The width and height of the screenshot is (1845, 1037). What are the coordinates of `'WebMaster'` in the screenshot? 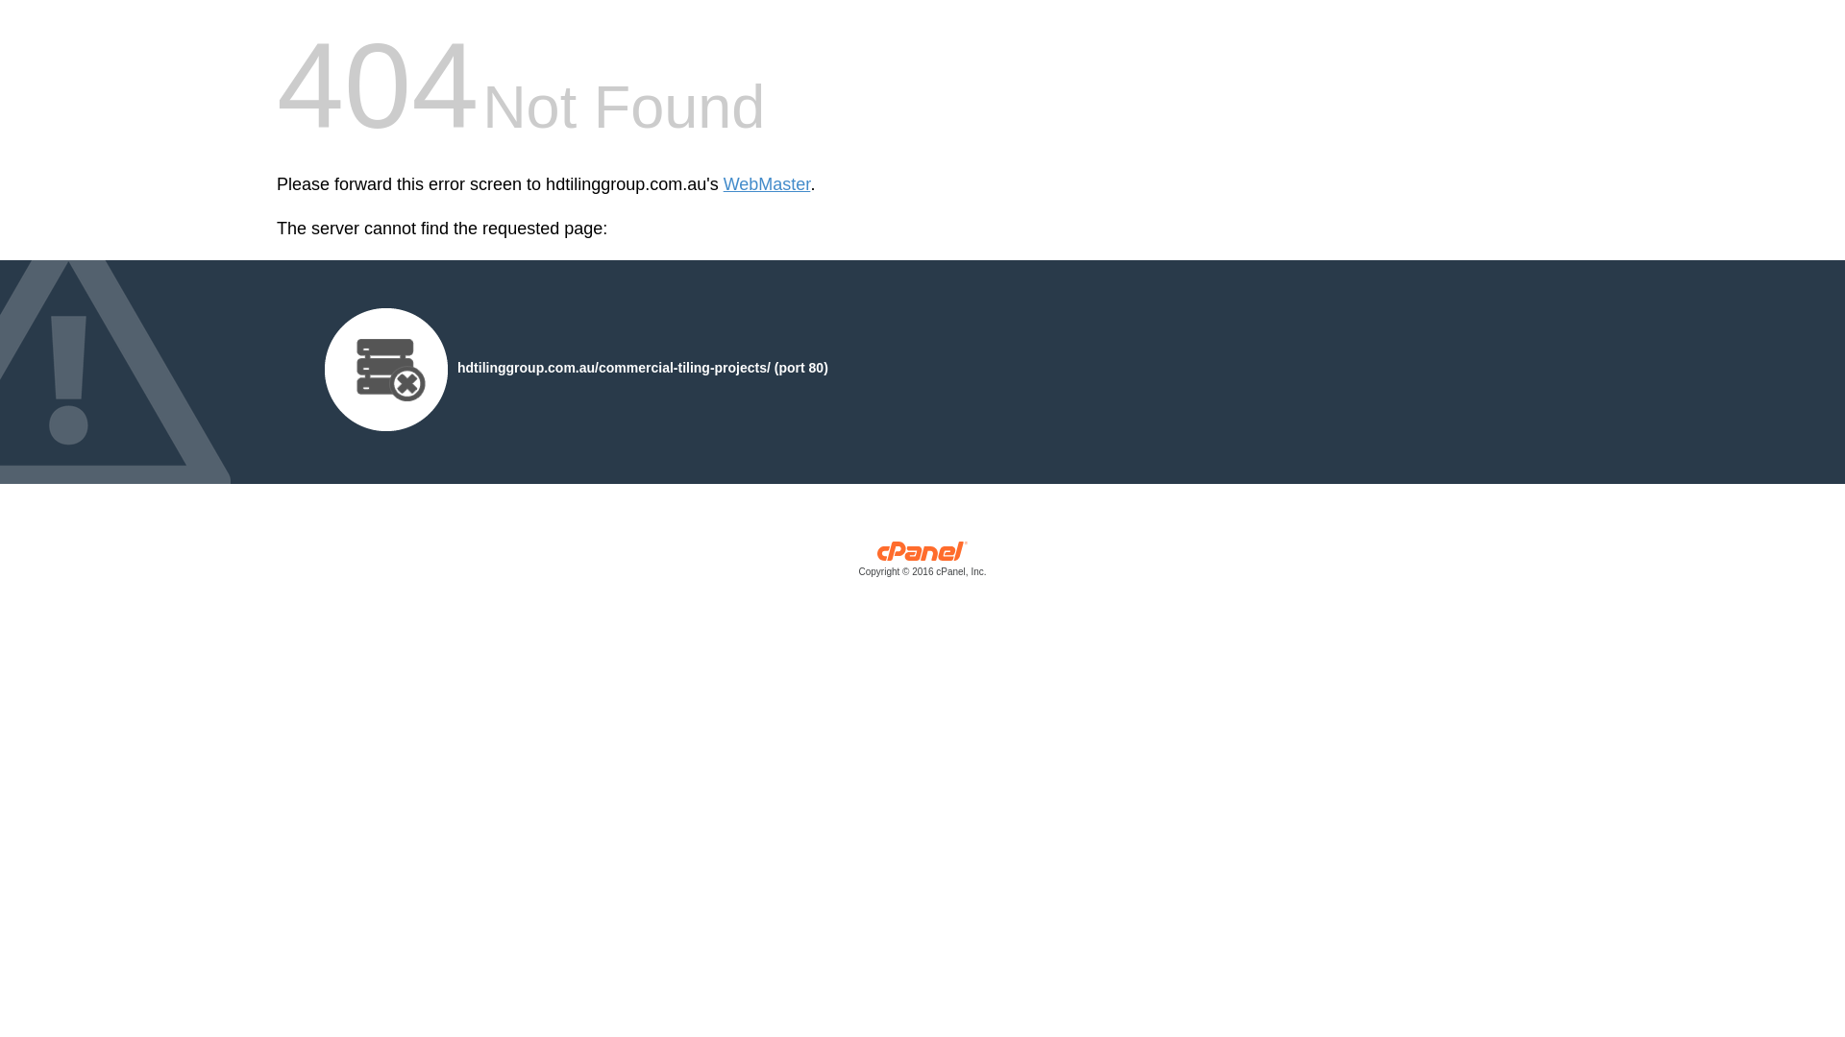 It's located at (766, 184).